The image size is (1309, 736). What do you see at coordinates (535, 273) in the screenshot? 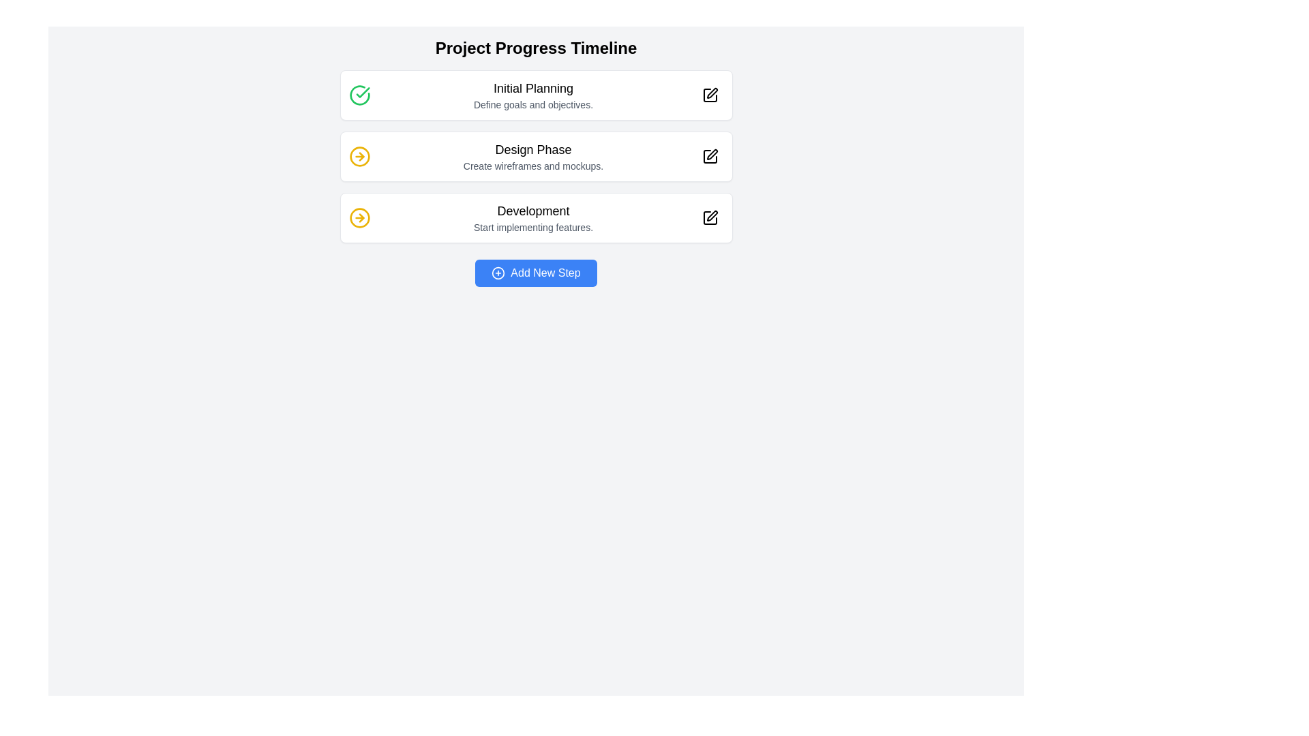
I see `the button that allows users to add a new step to the project timeline by clicking it, positioned below the list items in the bottom section` at bounding box center [535, 273].